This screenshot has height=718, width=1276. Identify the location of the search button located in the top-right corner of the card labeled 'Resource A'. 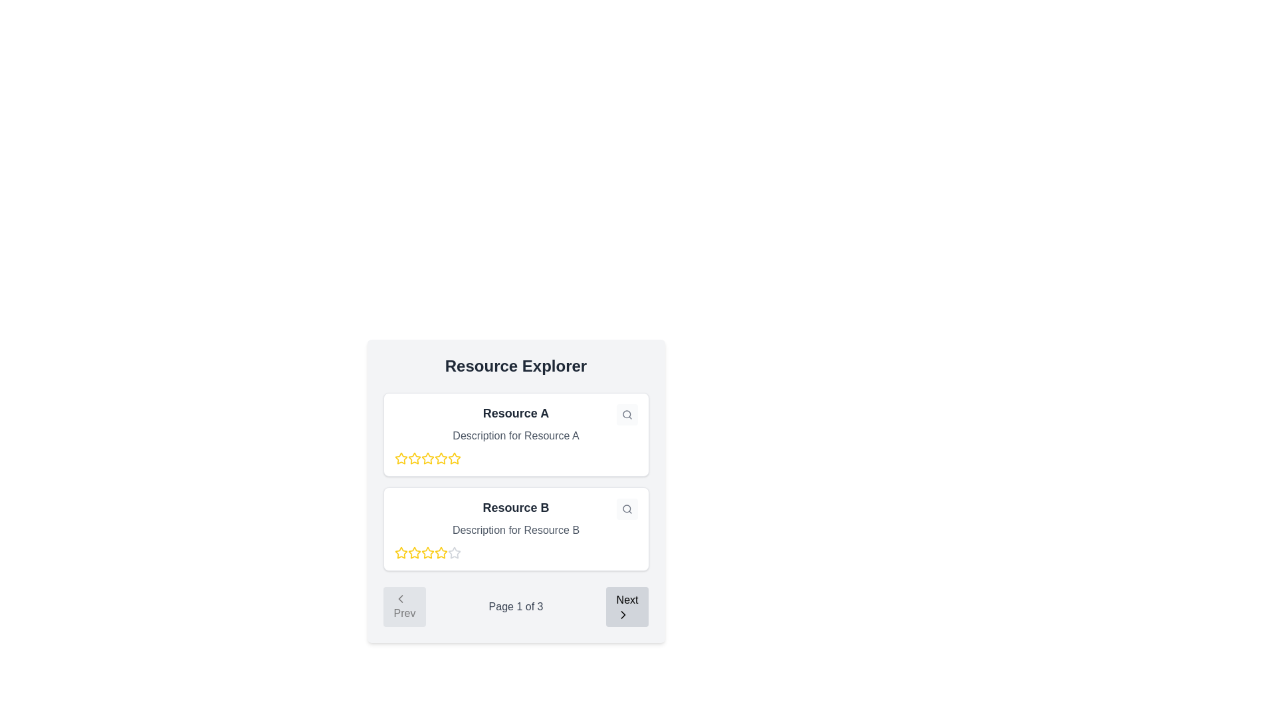
(626, 414).